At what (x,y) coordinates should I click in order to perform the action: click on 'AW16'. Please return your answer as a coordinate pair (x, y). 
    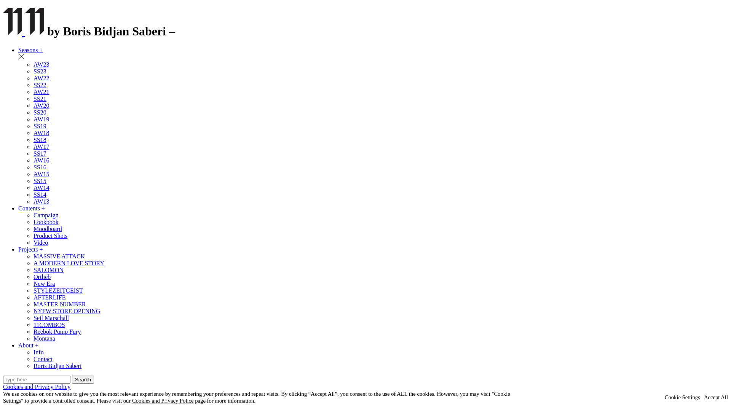
    Looking at the image, I should click on (41, 160).